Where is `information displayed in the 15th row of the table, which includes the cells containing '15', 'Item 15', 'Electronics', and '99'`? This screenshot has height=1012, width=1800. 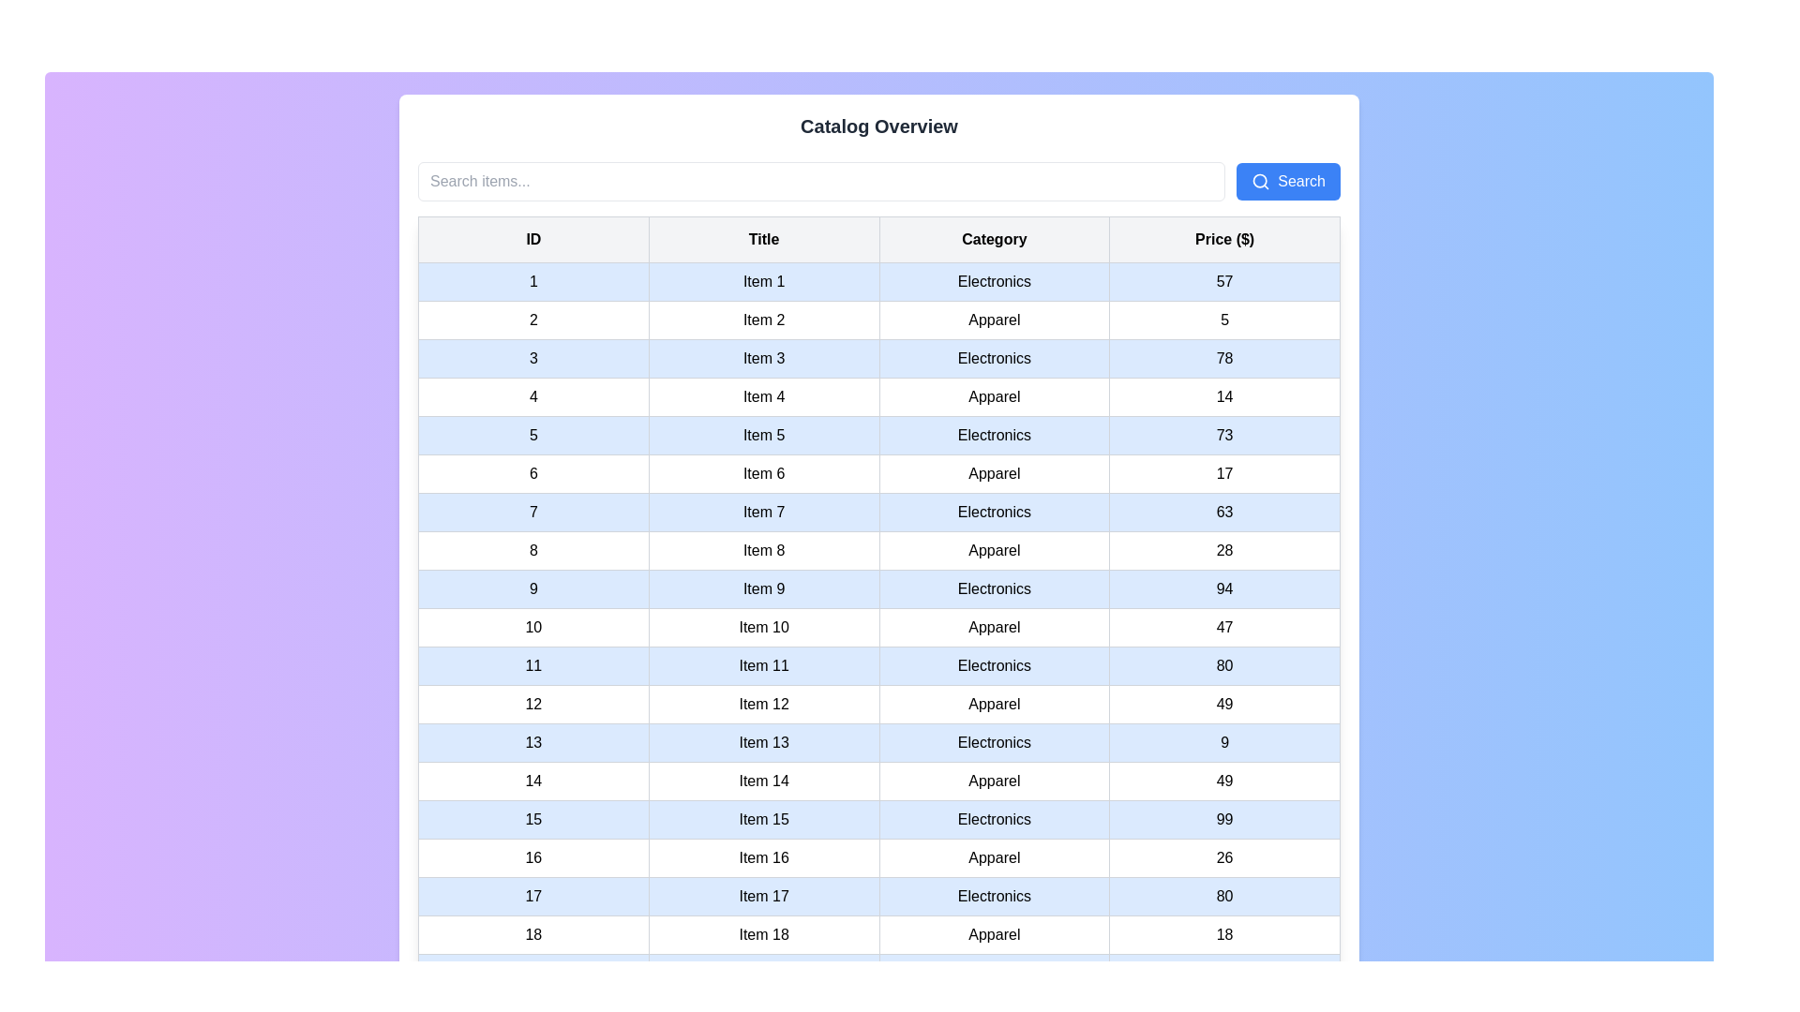
information displayed in the 15th row of the table, which includes the cells containing '15', 'Item 15', 'Electronics', and '99' is located at coordinates (877, 819).